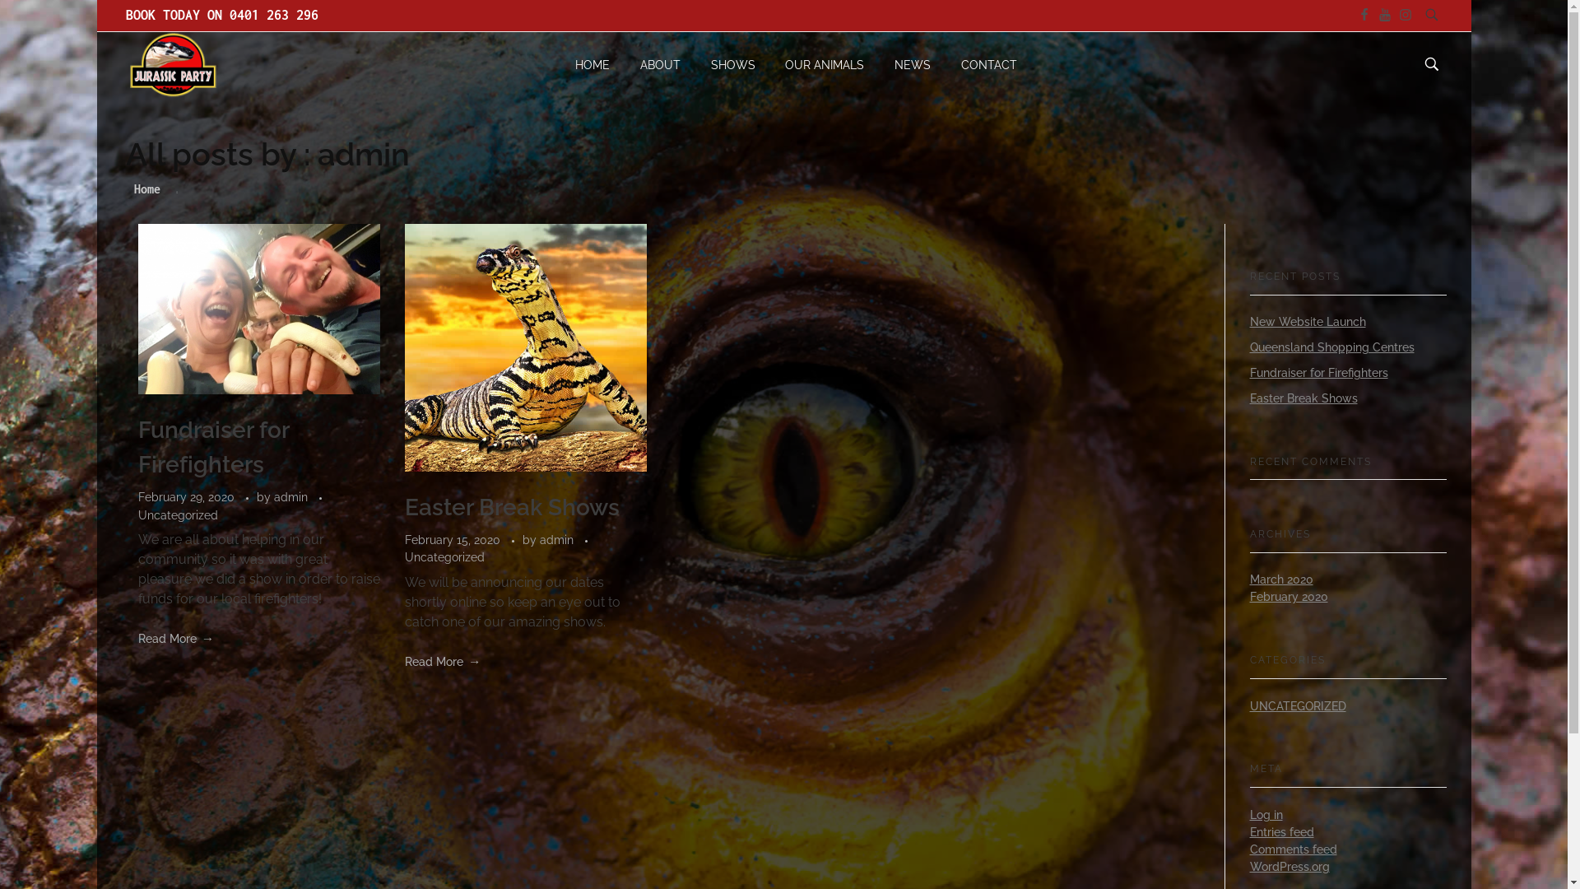 Image resolution: width=1580 pixels, height=889 pixels. What do you see at coordinates (272, 496) in the screenshot?
I see `'admin'` at bounding box center [272, 496].